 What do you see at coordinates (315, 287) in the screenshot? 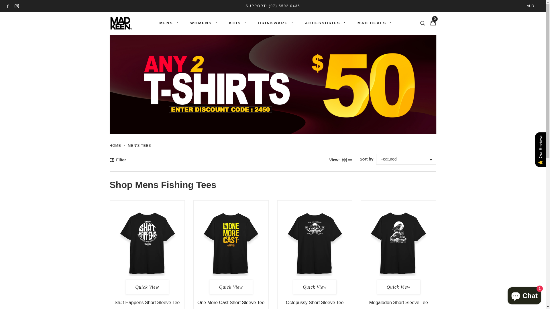
I see `'Quick View'` at bounding box center [315, 287].